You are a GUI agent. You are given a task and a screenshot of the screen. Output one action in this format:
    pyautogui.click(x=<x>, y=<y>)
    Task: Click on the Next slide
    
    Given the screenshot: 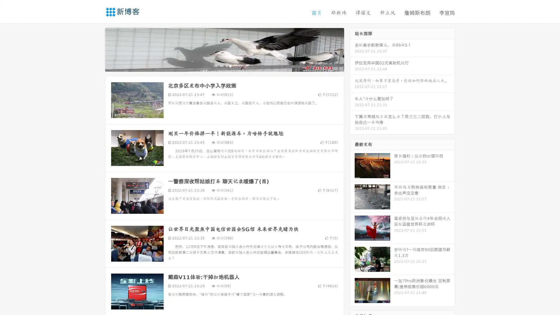 What is the action you would take?
    pyautogui.click(x=352, y=49)
    